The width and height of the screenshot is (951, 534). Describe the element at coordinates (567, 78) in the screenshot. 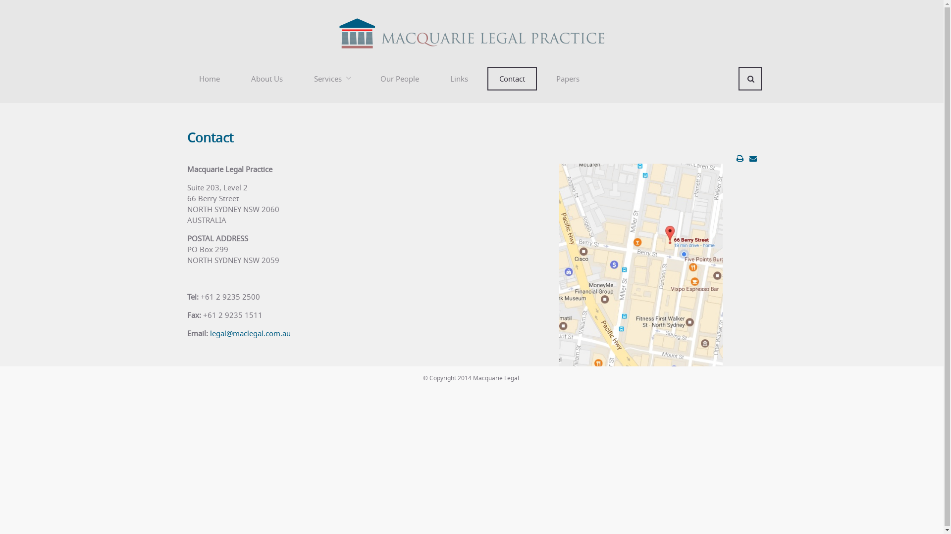

I see `'Papers'` at that location.